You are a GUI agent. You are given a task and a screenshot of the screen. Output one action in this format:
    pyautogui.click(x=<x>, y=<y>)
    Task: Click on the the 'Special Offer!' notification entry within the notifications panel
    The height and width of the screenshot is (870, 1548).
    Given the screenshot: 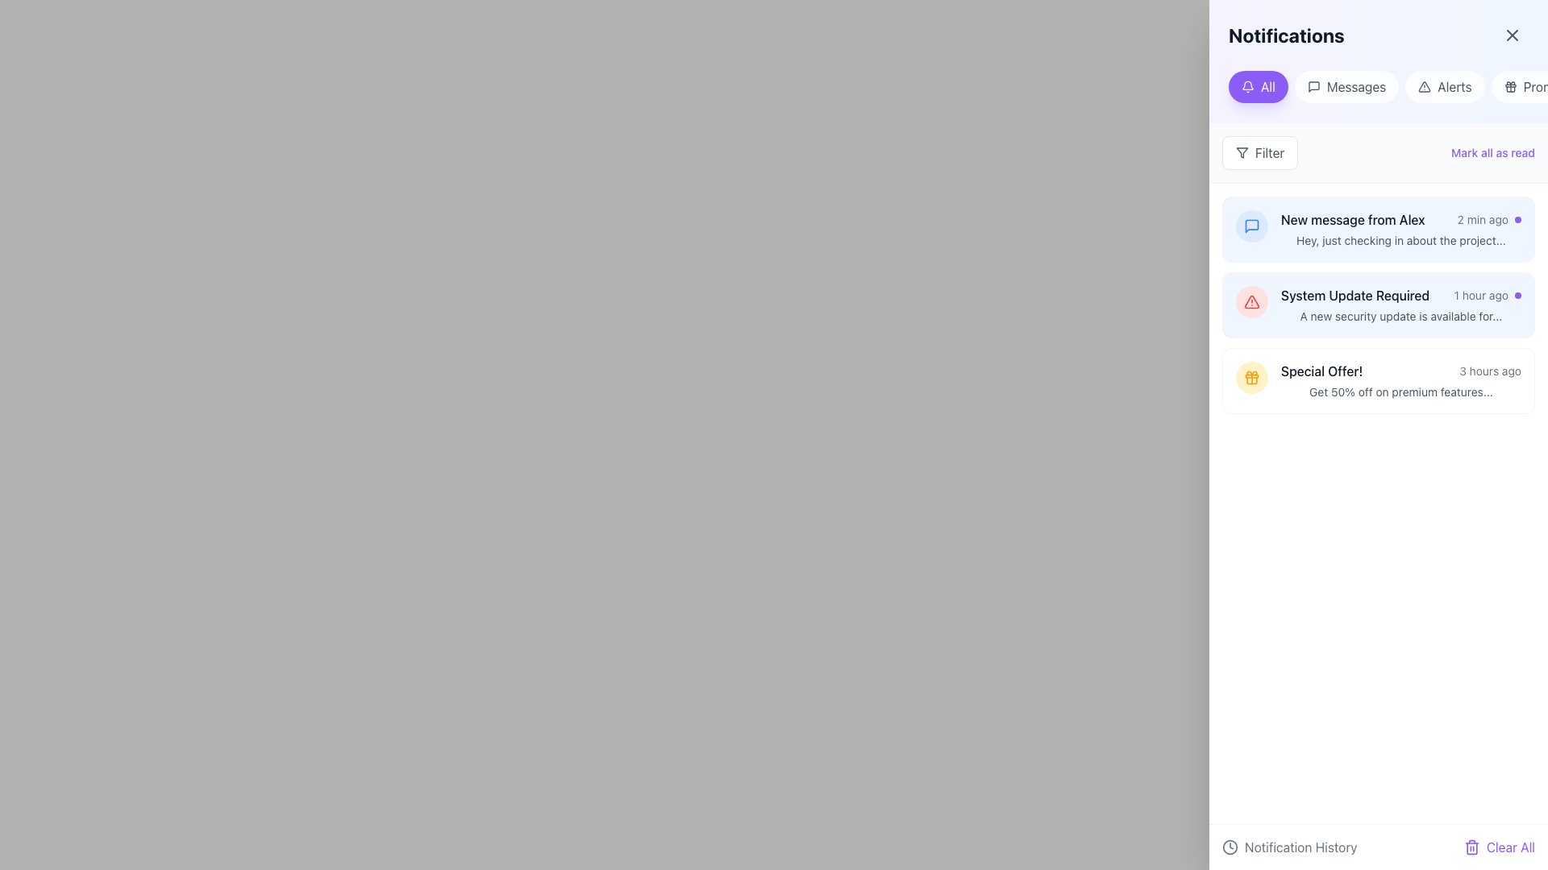 What is the action you would take?
    pyautogui.click(x=1377, y=381)
    